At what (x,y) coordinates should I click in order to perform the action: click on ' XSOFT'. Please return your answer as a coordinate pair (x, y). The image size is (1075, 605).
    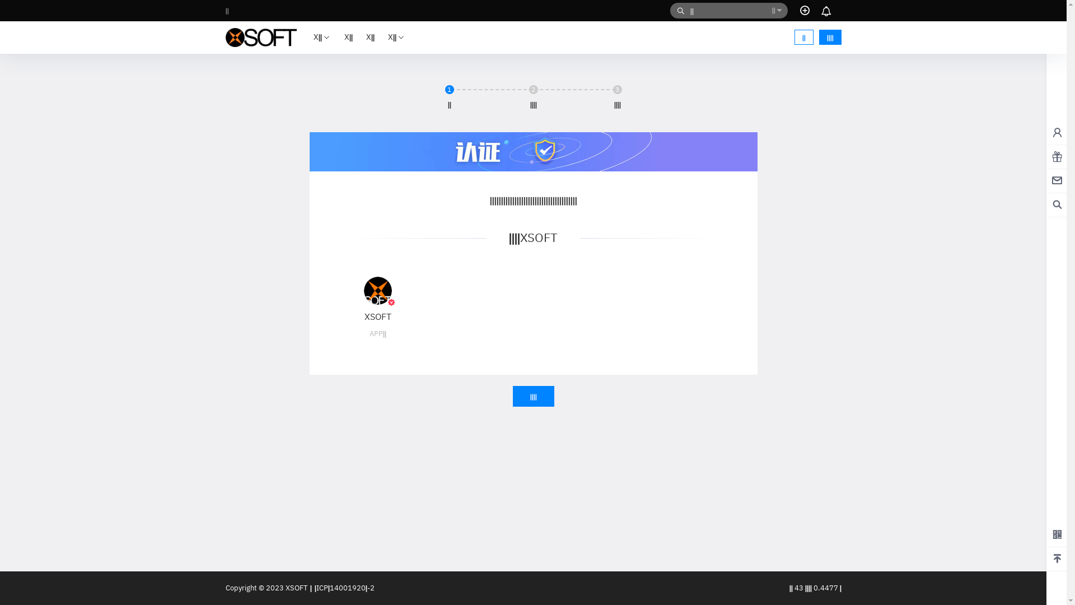
    Looking at the image, I should click on (295, 587).